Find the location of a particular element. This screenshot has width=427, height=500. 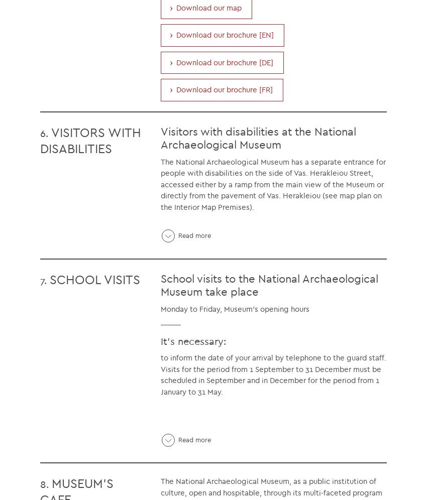

'VISITORS WITH DISABILITIES' is located at coordinates (90, 140).